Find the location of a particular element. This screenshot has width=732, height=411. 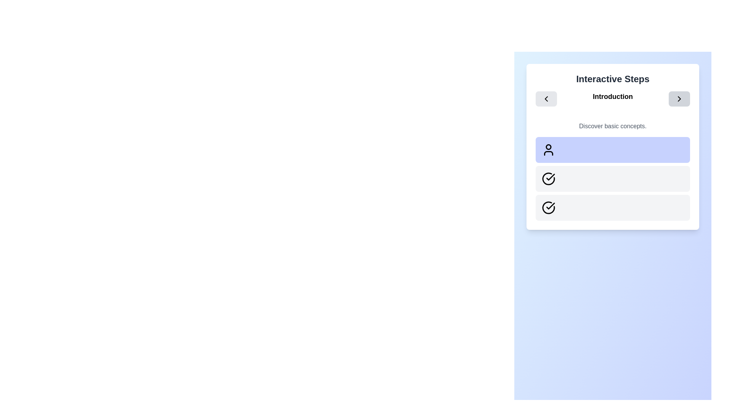

the grey rectangular button with rounded corners and a rightward-facing chevron arrow, located in the top navigation section under 'Interactive Steps' is located at coordinates (679, 98).